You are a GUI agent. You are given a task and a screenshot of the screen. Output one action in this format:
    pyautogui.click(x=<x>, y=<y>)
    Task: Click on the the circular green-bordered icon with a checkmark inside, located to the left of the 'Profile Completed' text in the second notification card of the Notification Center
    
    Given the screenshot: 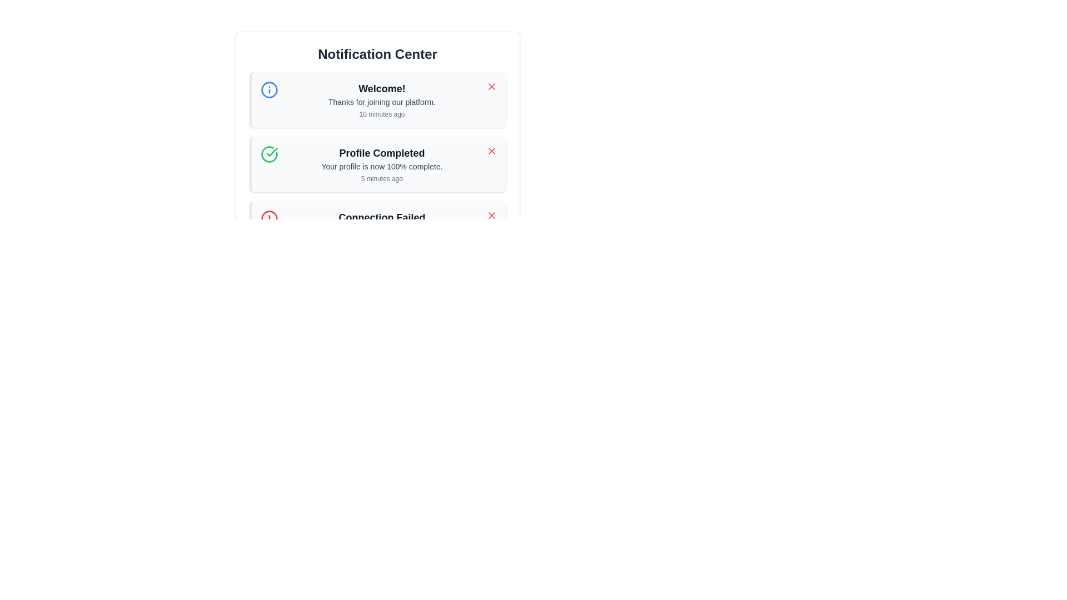 What is the action you would take?
    pyautogui.click(x=269, y=154)
    